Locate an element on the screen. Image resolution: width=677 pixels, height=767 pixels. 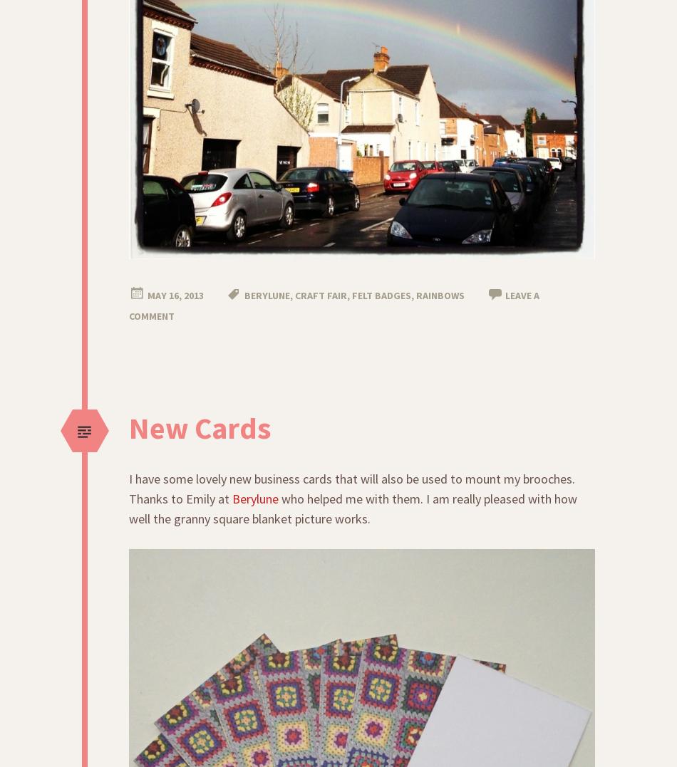
'who helped me with them. I am really pleased with how well the granny square blanket picture works.' is located at coordinates (353, 508).